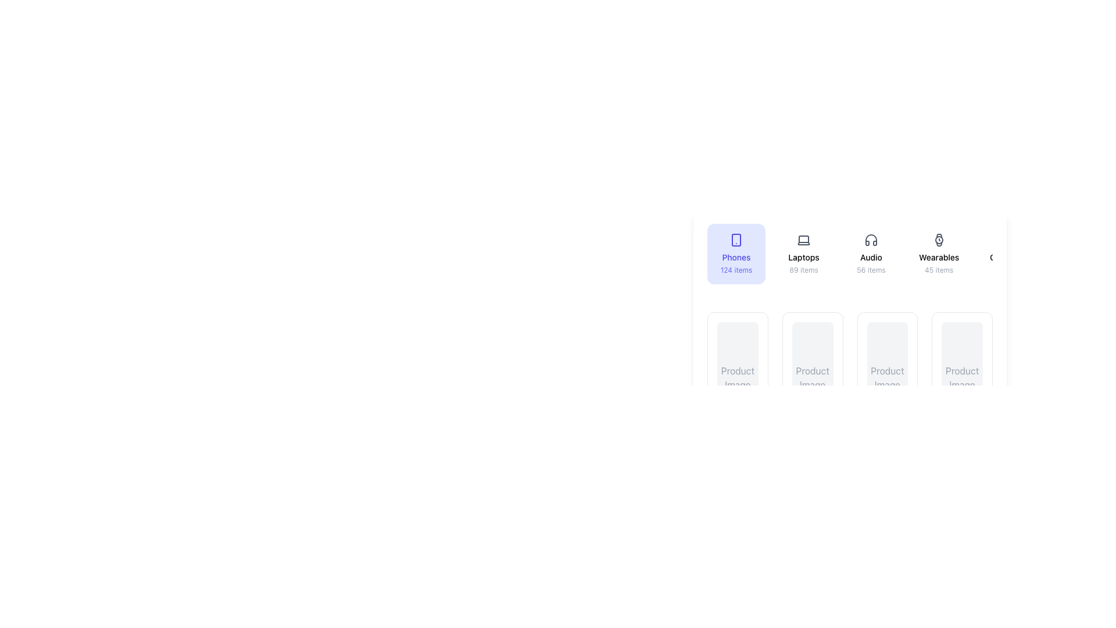  Describe the element at coordinates (939, 239) in the screenshot. I see `SVG Circle that visually represents the watch icon in the 'Wearables' category for debugging purposes` at that location.